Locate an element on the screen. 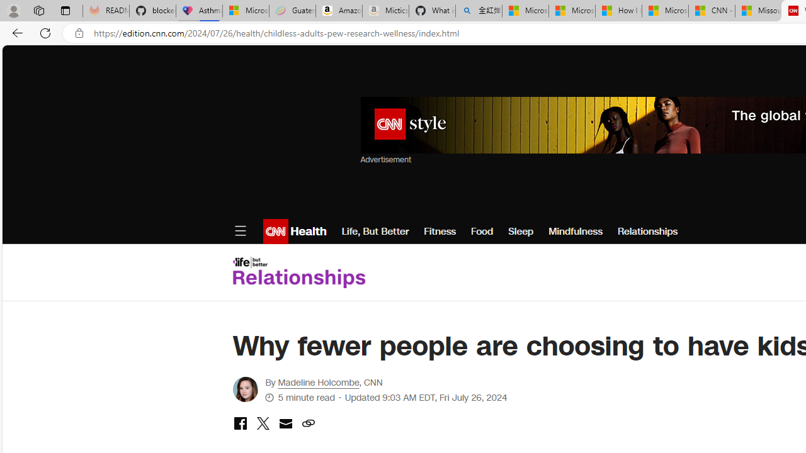 This screenshot has height=453, width=806. 'share with email' is located at coordinates (285, 425).